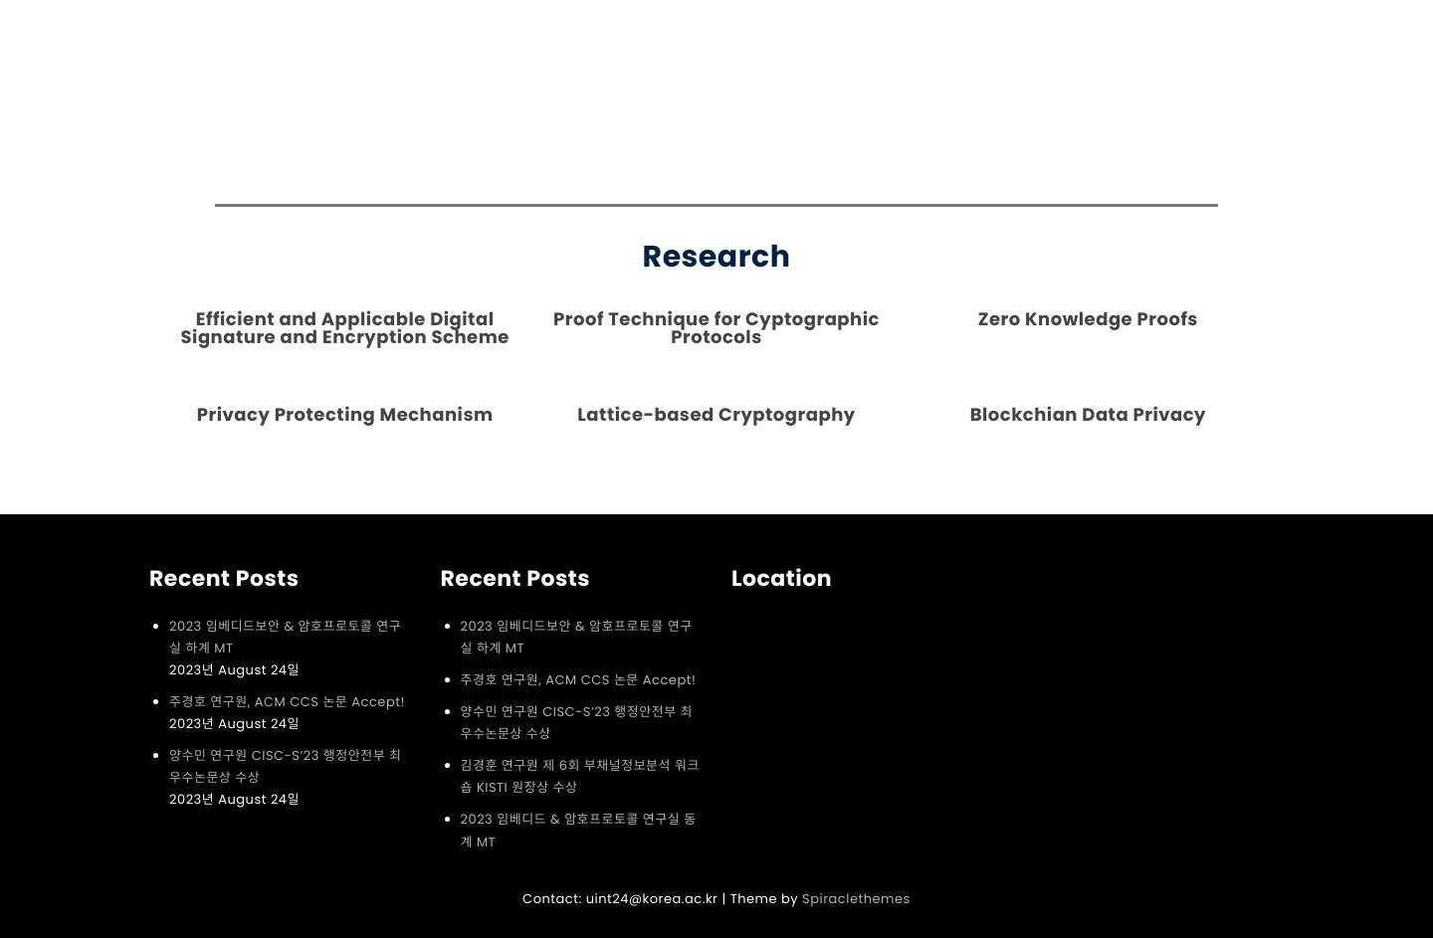 The height and width of the screenshot is (938, 1433). Describe the element at coordinates (716, 413) in the screenshot. I see `'Lattice-based Cryptography'` at that location.